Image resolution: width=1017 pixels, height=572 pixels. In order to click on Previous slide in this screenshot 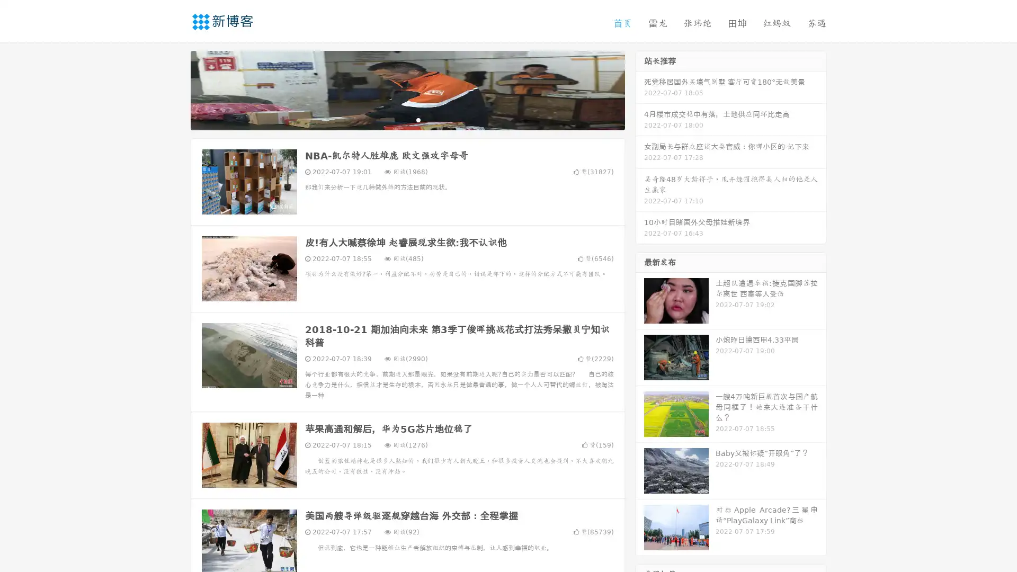, I will do `click(175, 89)`.